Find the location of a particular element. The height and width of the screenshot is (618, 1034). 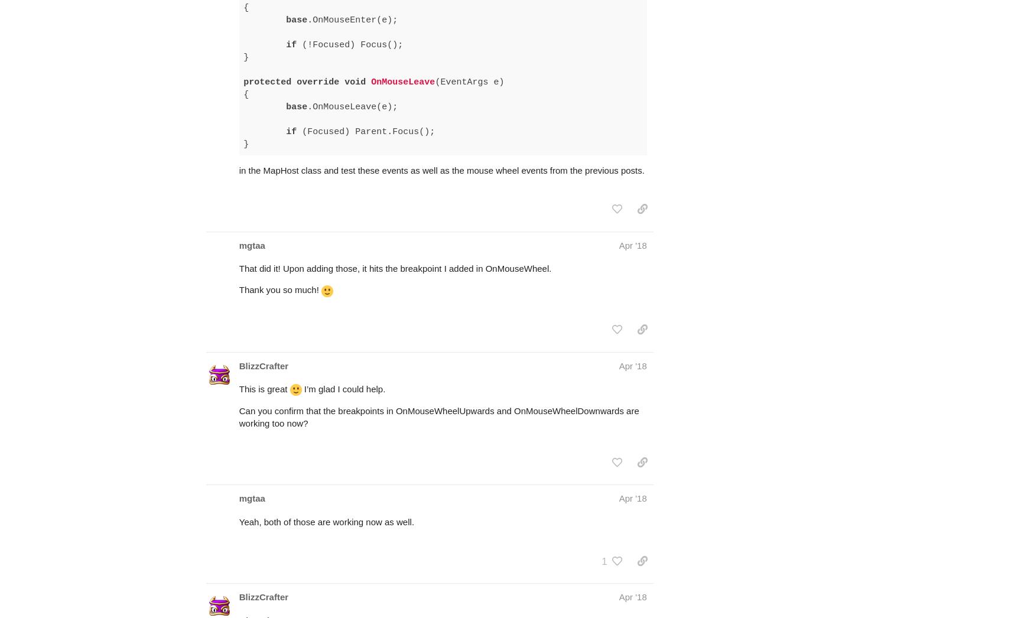

'Yeah, both of those are working now as well.' is located at coordinates (238, 476).